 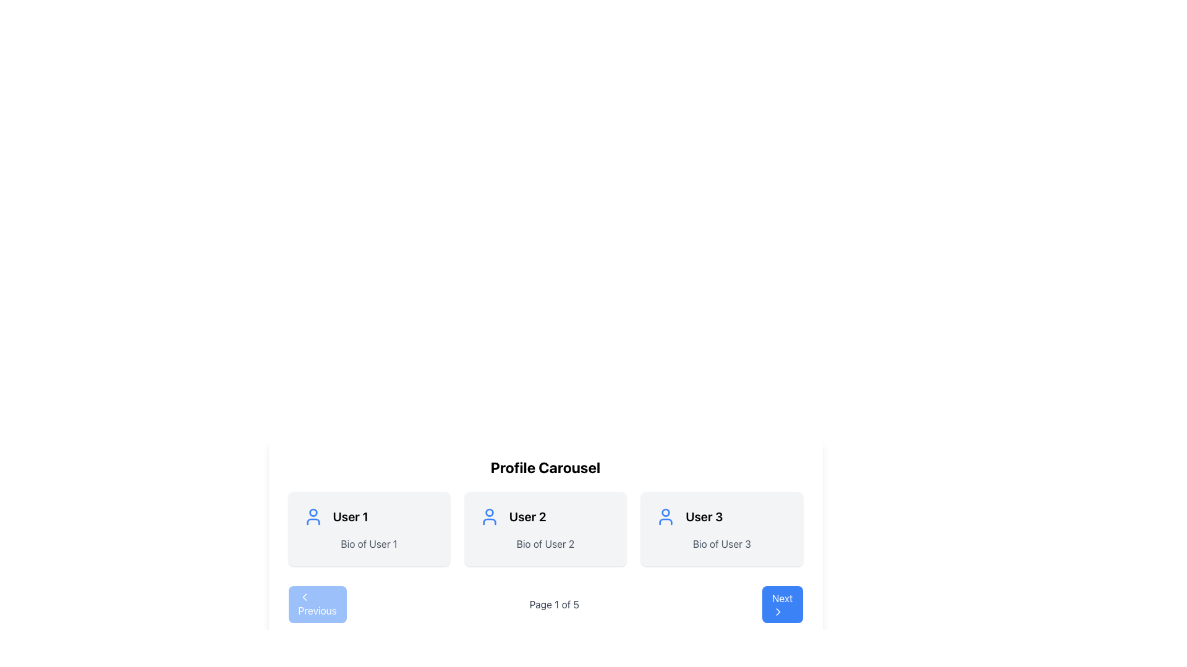 What do you see at coordinates (781, 604) in the screenshot?
I see `the horizontally elongated blue button labeled 'Next' with a rightward-pointing chevron icon located at the bottom-right corner of the page` at bounding box center [781, 604].